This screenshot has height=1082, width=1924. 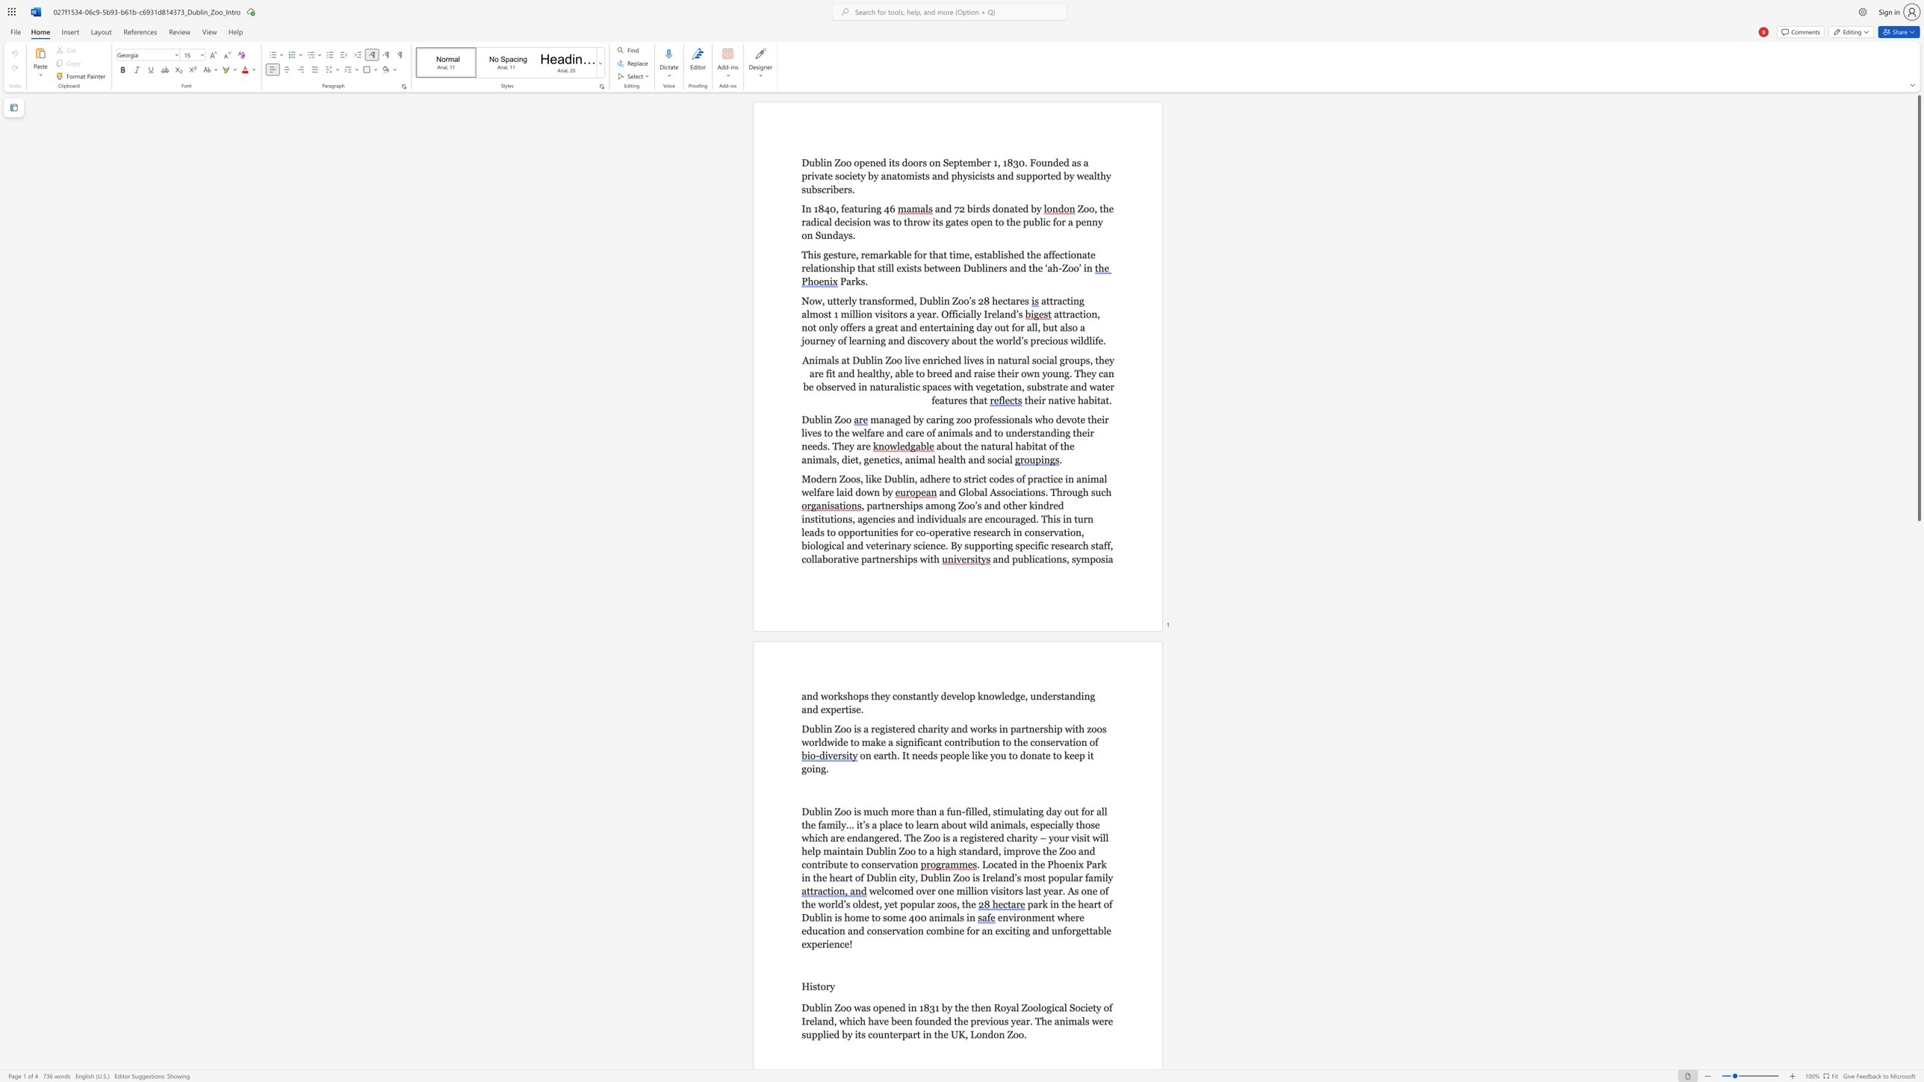 What do you see at coordinates (842, 175) in the screenshot?
I see `the 8th character "o" in the text` at bounding box center [842, 175].